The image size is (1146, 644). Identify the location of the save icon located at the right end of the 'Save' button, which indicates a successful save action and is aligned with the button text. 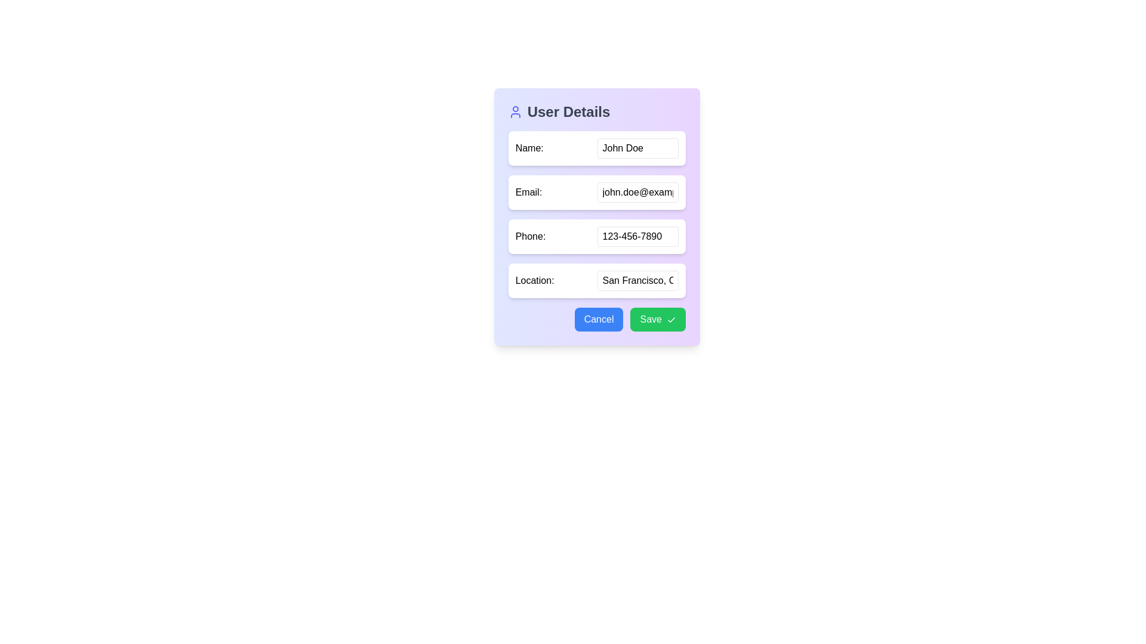
(671, 319).